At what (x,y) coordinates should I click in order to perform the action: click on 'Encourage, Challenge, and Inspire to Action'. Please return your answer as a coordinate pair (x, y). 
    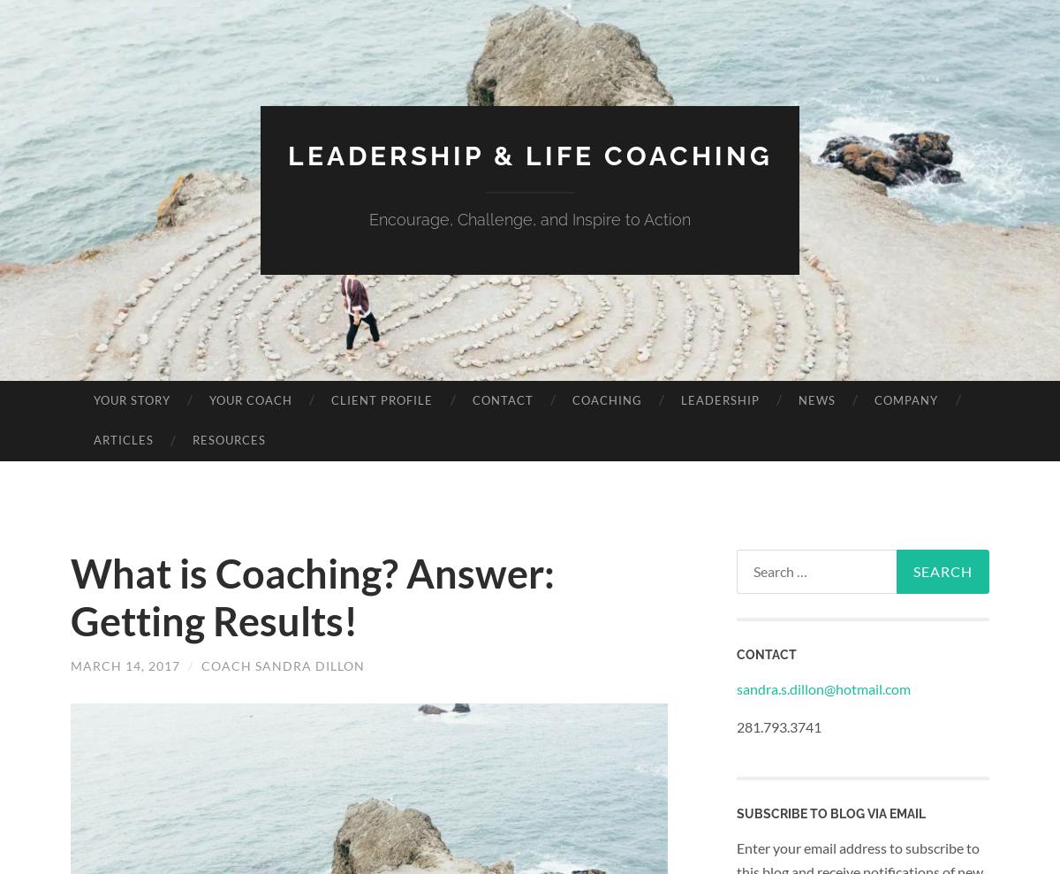
    Looking at the image, I should click on (530, 218).